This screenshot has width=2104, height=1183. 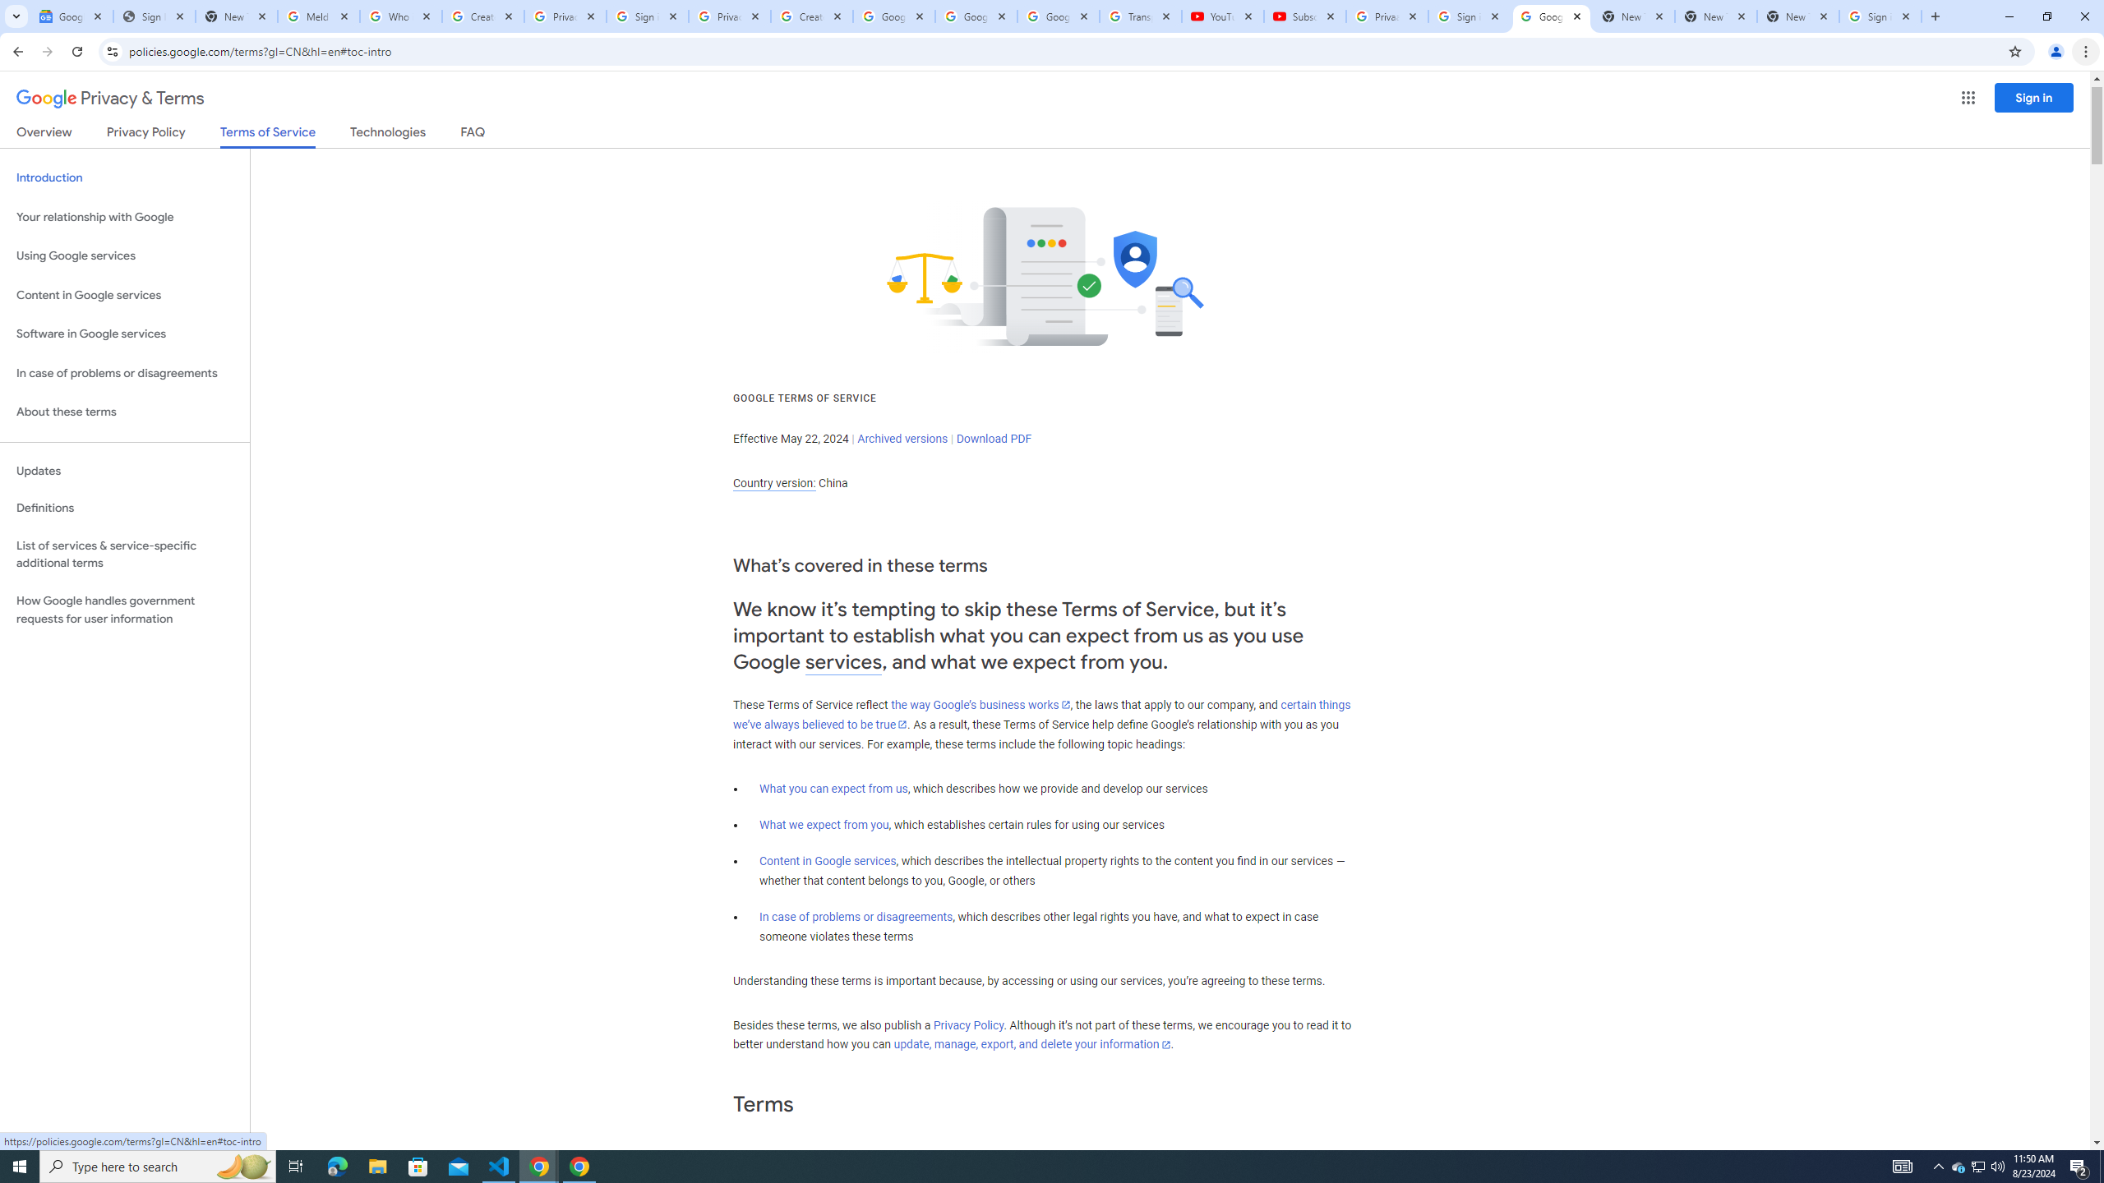 What do you see at coordinates (124, 610) in the screenshot?
I see `'How Google handles government requests for user information'` at bounding box center [124, 610].